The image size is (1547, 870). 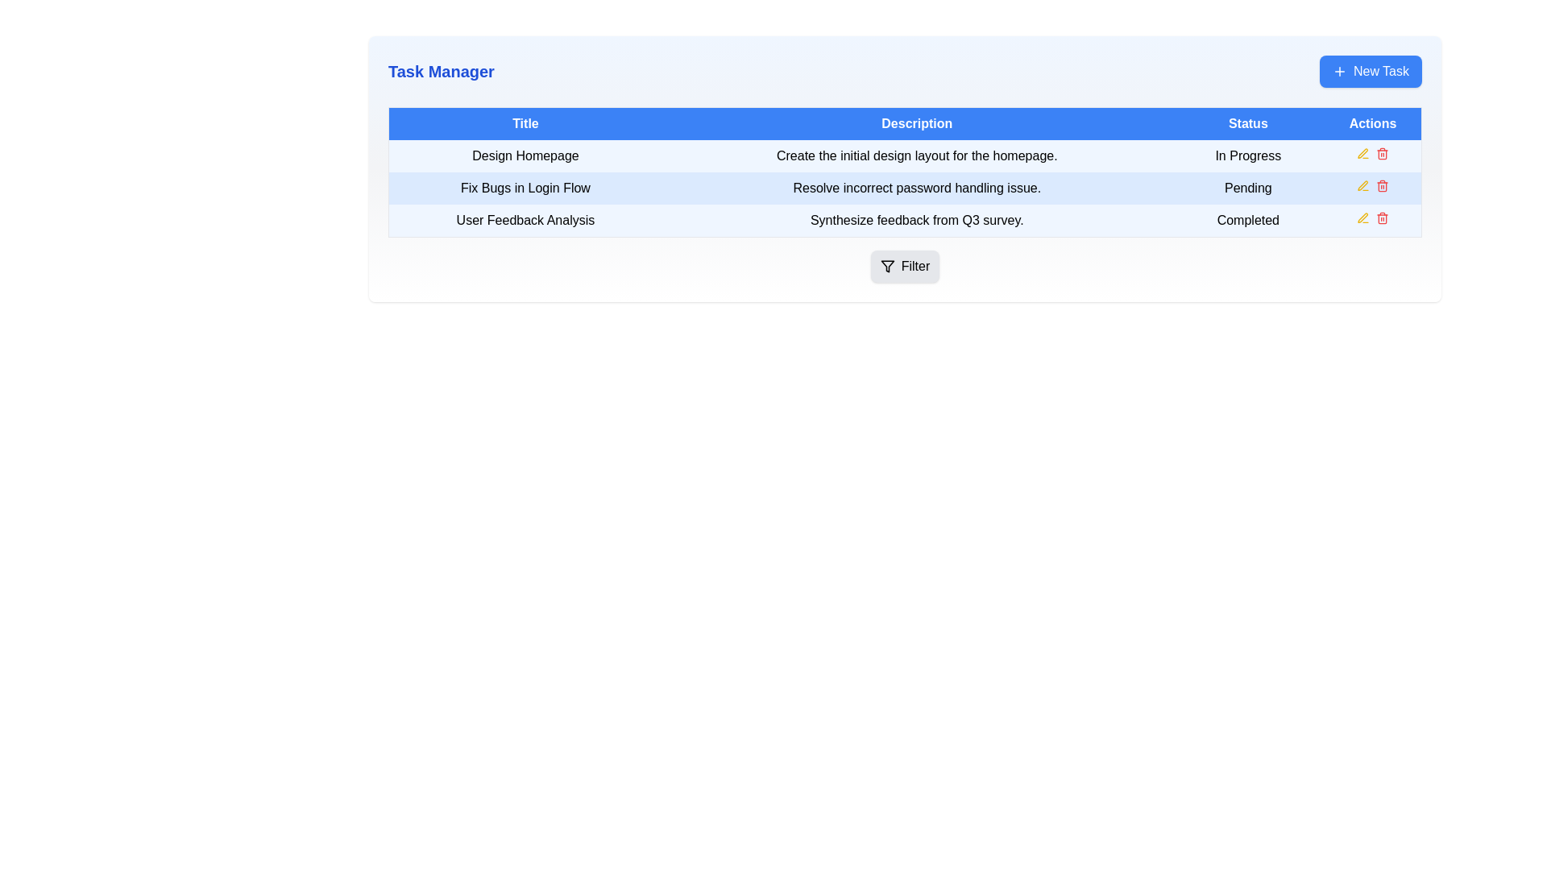 What do you see at coordinates (525, 221) in the screenshot?
I see `text of the title label in the third row of the task manager interface, located under the 'Title' column, which is adjacent to 'Synthesize feedback from Q3 survey'` at bounding box center [525, 221].